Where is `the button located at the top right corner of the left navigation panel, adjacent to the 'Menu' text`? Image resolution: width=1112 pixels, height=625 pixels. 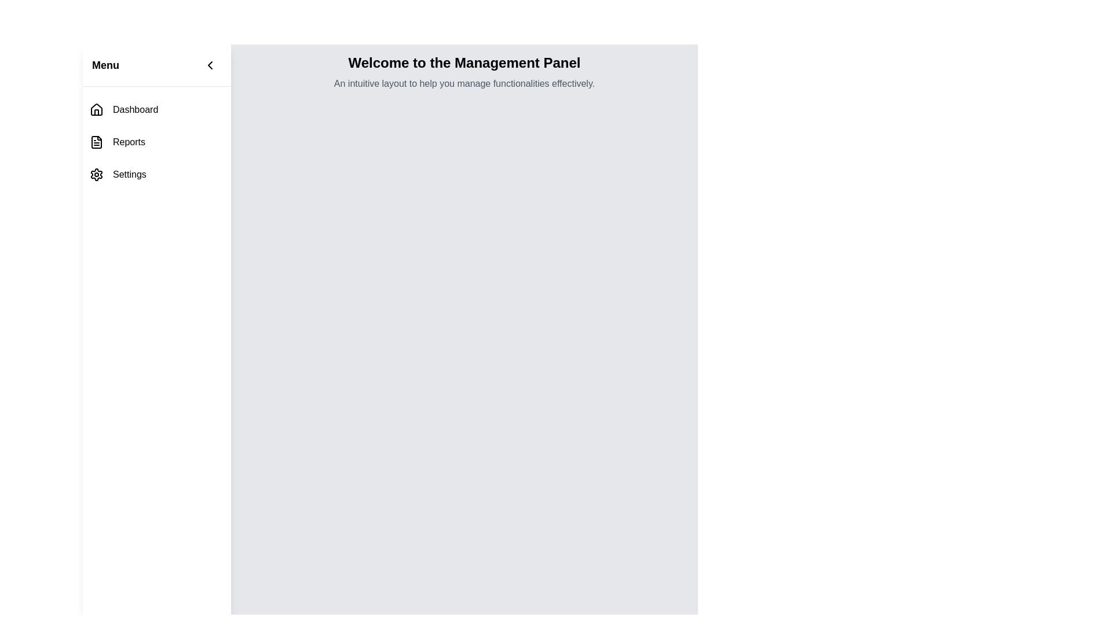 the button located at the top right corner of the left navigation panel, adjacent to the 'Menu' text is located at coordinates (210, 65).